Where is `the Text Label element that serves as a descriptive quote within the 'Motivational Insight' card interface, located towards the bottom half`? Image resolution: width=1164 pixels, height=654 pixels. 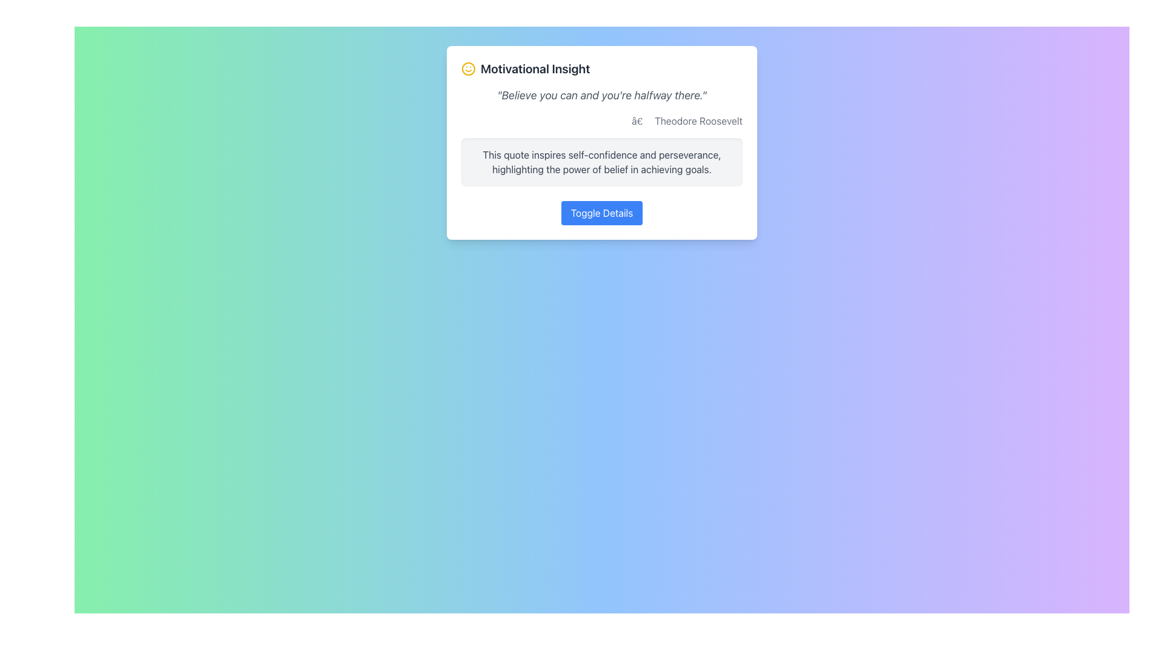
the Text Label element that serves as a descriptive quote within the 'Motivational Insight' card interface, located towards the bottom half is located at coordinates (602, 161).